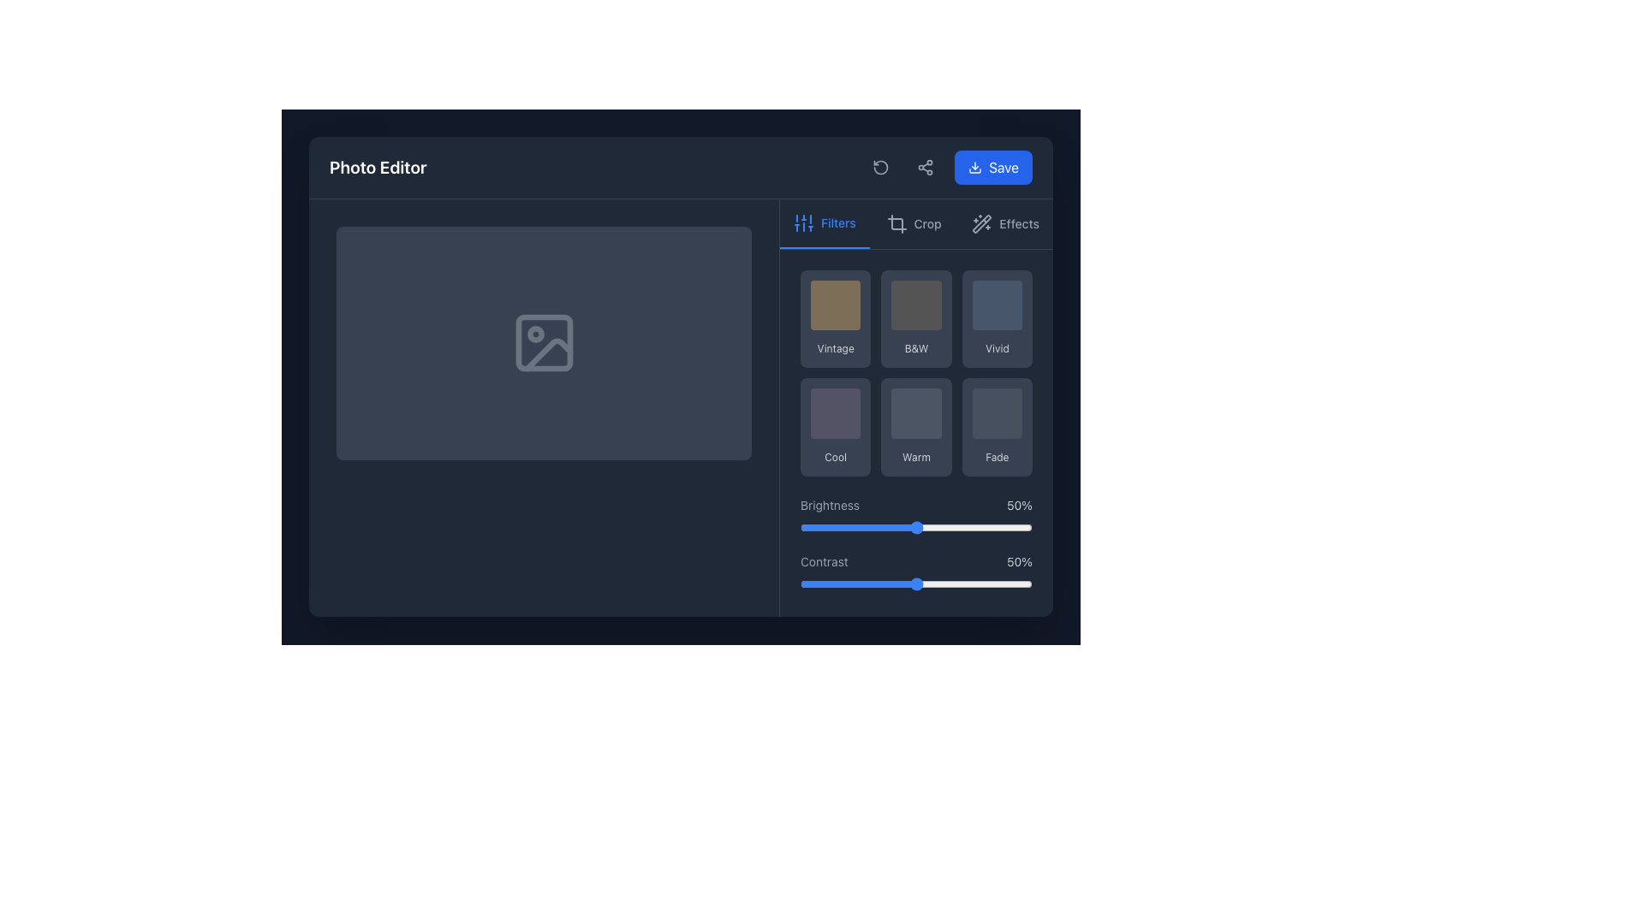  Describe the element at coordinates (915, 432) in the screenshot. I see `the Interactive panel located in the right section of the interface below the toolbar` at that location.